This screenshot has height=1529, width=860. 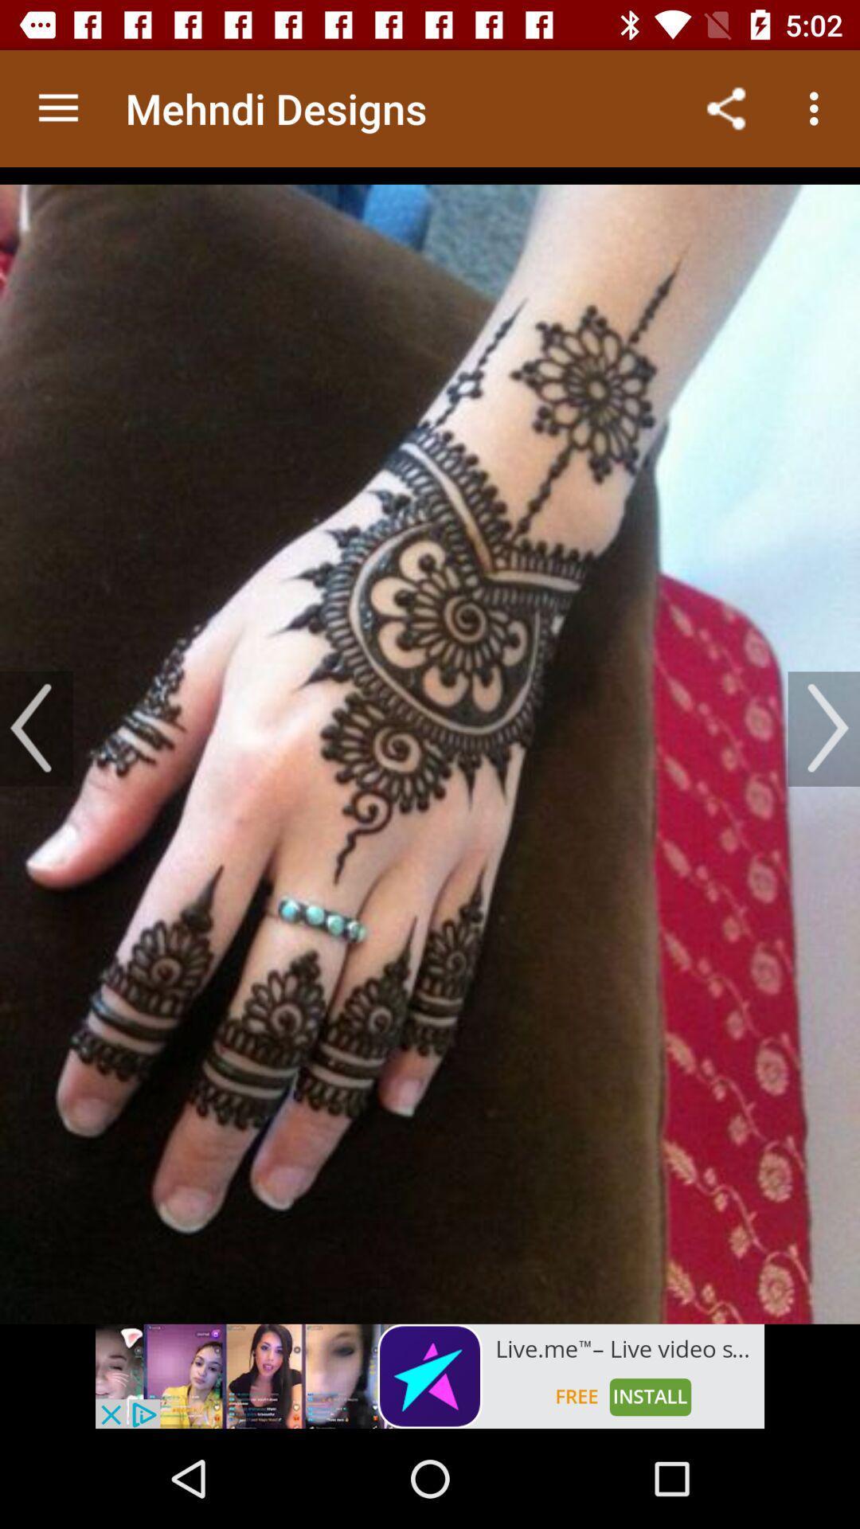 What do you see at coordinates (430, 745) in the screenshot?
I see `open design` at bounding box center [430, 745].